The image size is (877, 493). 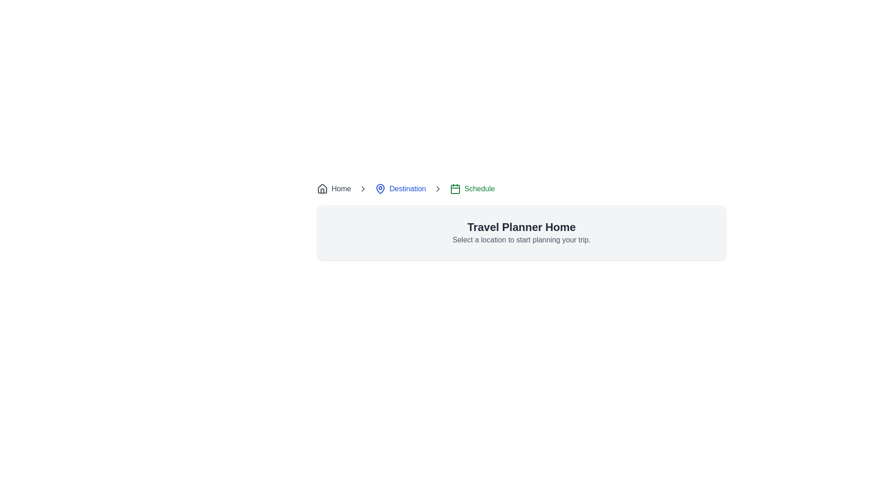 What do you see at coordinates (333, 188) in the screenshot?
I see `the first navigation link in the horizontal menu` at bounding box center [333, 188].